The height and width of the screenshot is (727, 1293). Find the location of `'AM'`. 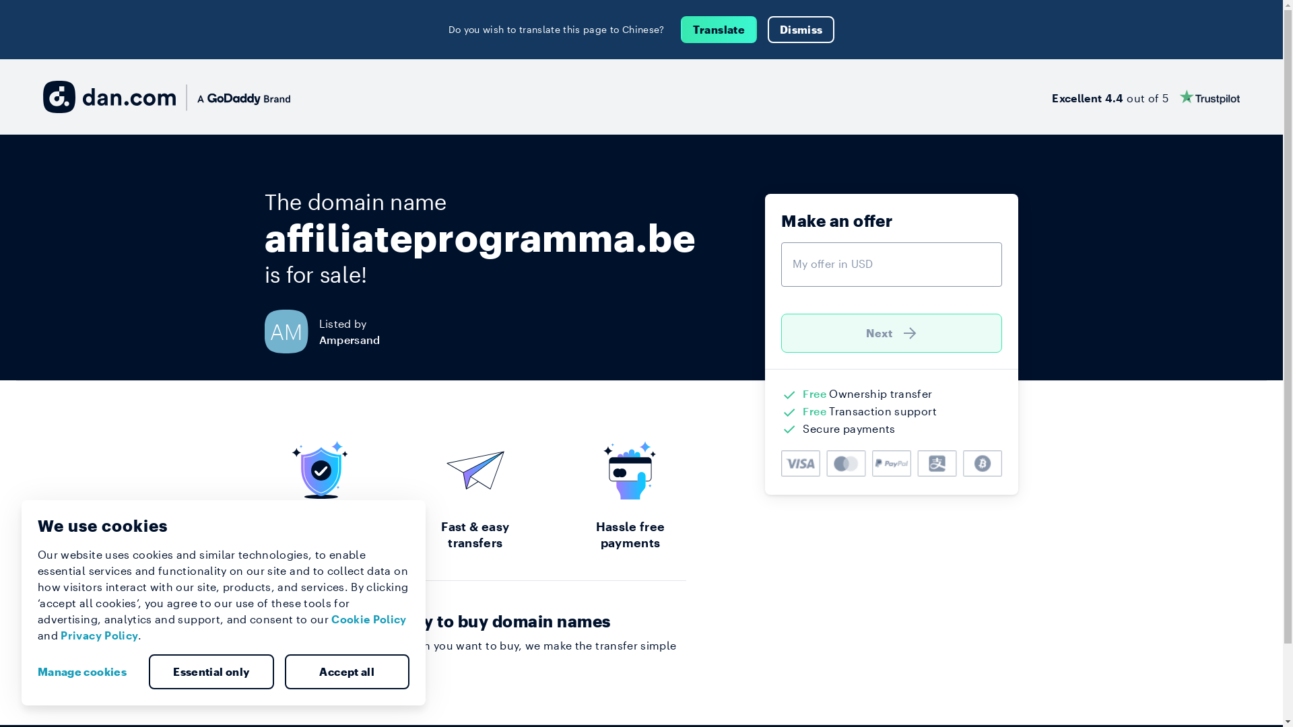

'AM' is located at coordinates (290, 331).